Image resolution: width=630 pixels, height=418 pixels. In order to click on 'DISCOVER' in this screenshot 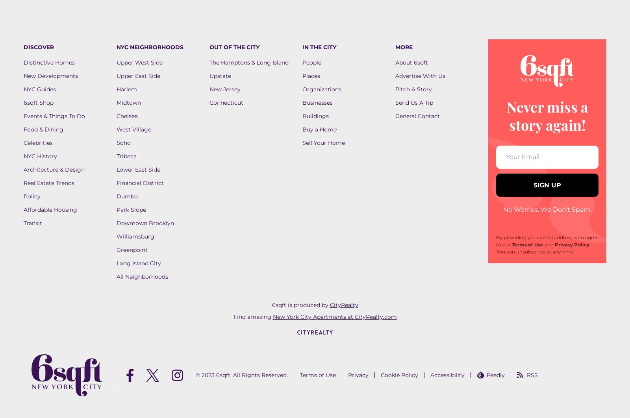, I will do `click(38, 47)`.